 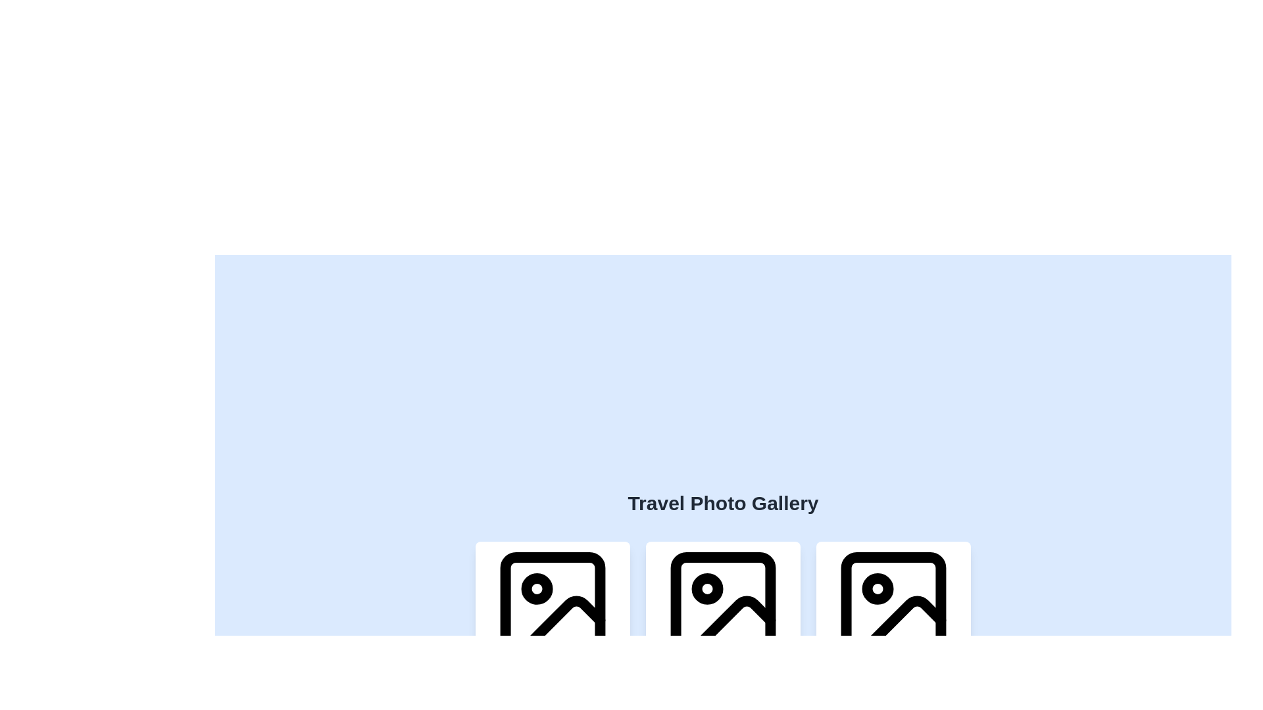 I want to click on the circular marker located in the upper-left section of the photo image icon that features a mountain silhouette and a sun or moon symbol, so click(x=537, y=588).